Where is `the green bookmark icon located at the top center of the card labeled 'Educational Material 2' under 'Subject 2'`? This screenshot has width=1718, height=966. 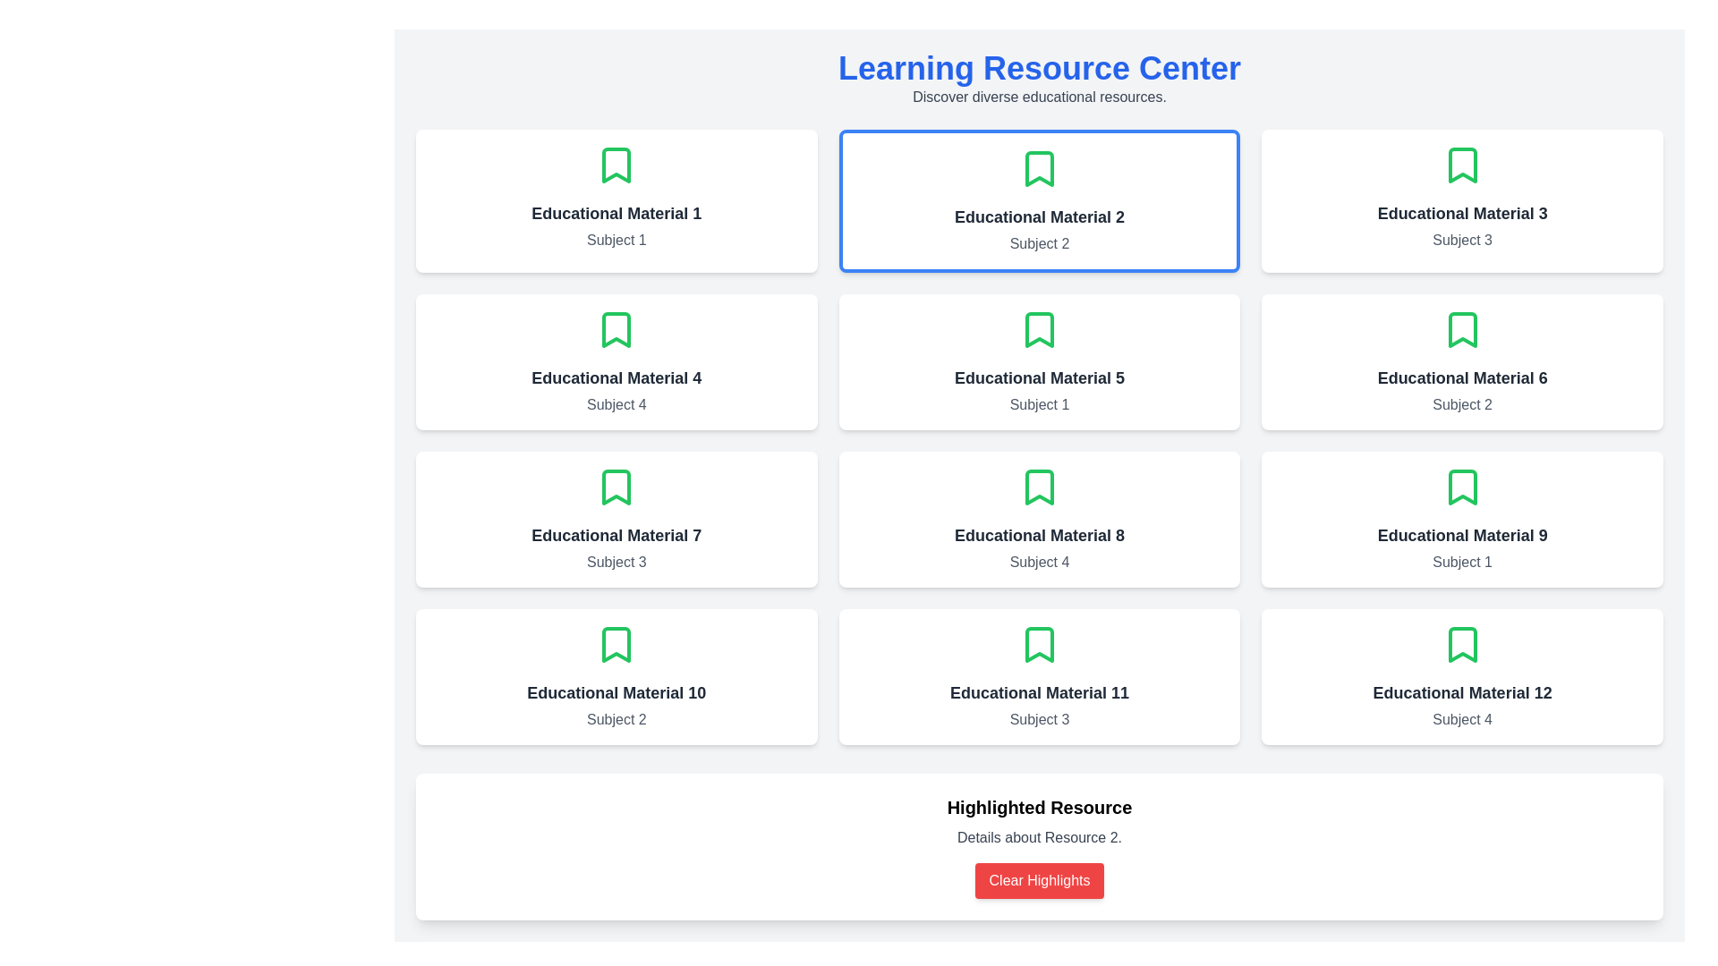 the green bookmark icon located at the top center of the card labeled 'Educational Material 2' under 'Subject 2' is located at coordinates (1039, 169).